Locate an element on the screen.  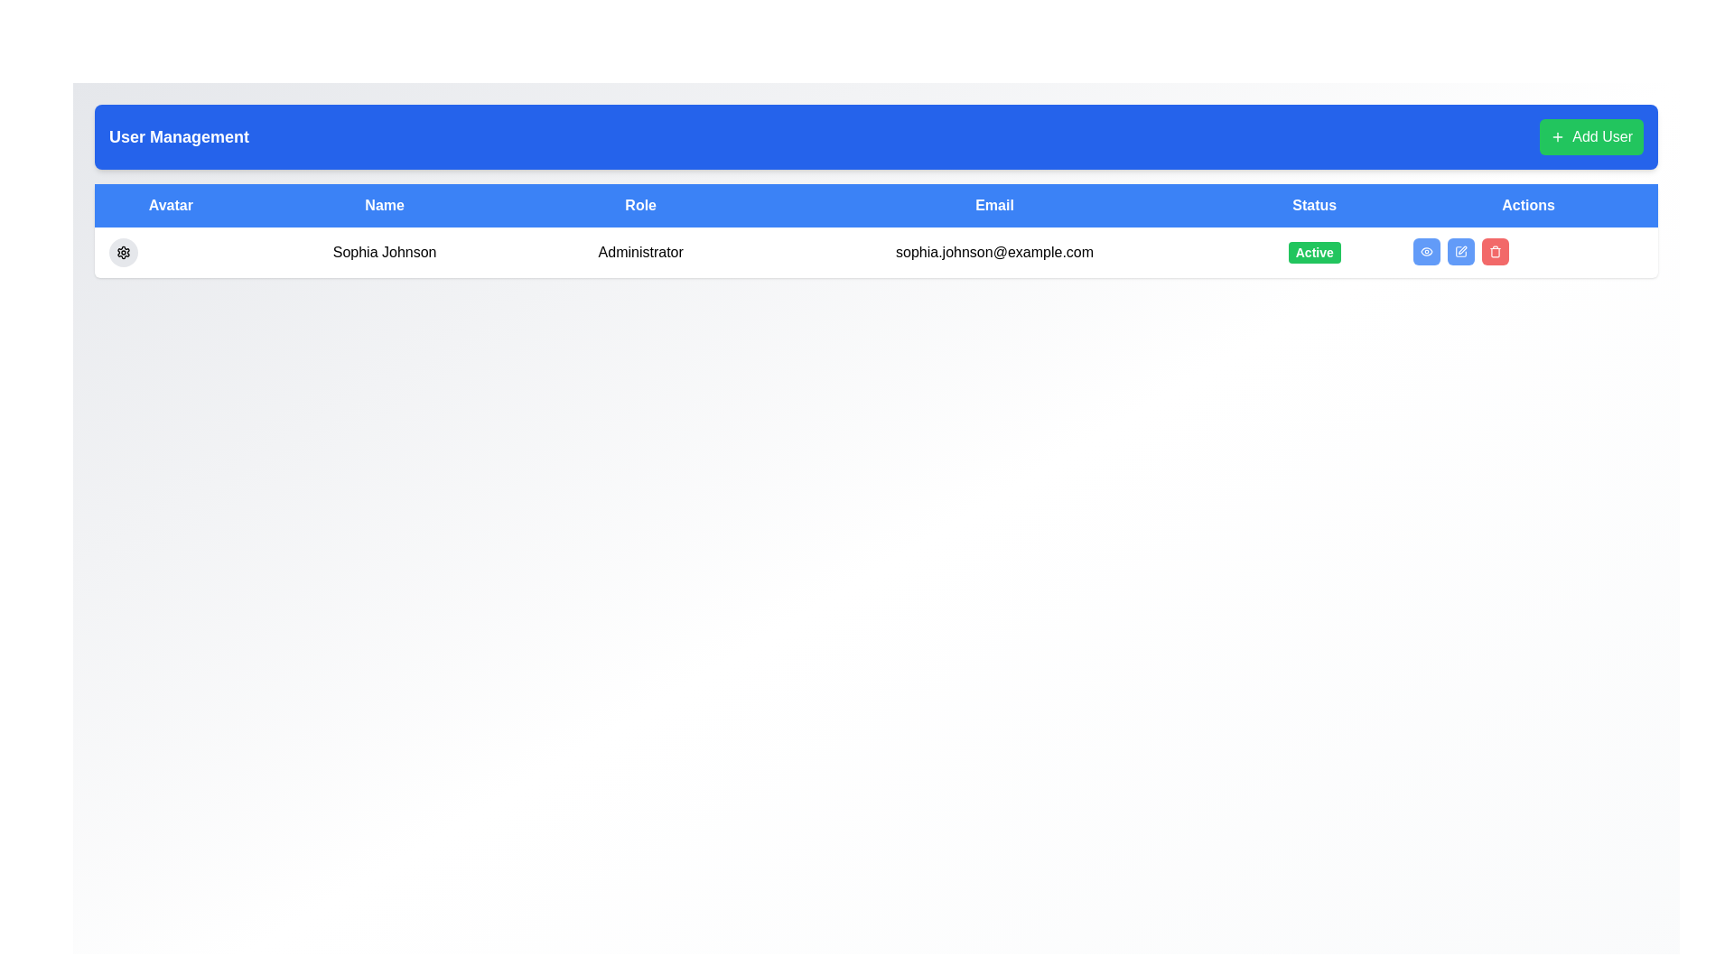
the 'Active' status badge located in the 'Status' column of the row labeled 'Sophia Johnson' is located at coordinates (1314, 253).